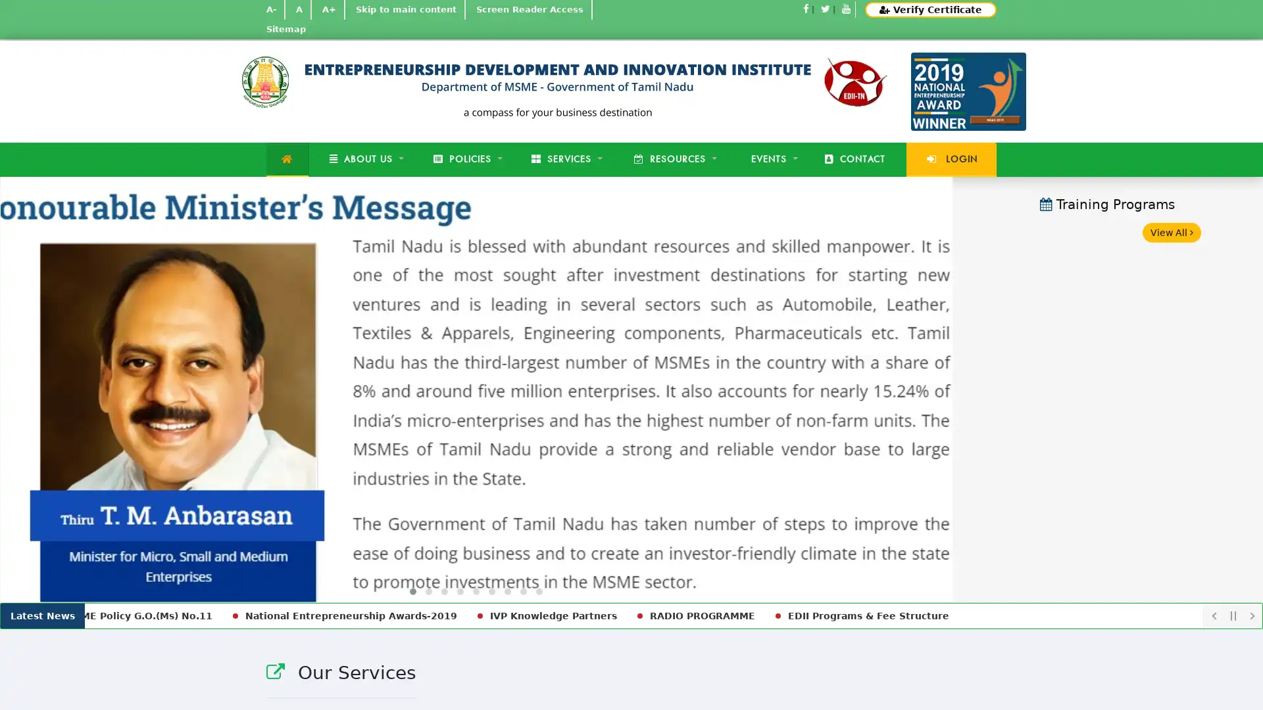  Describe the element at coordinates (26, 375) in the screenshot. I see `Previous` at that location.